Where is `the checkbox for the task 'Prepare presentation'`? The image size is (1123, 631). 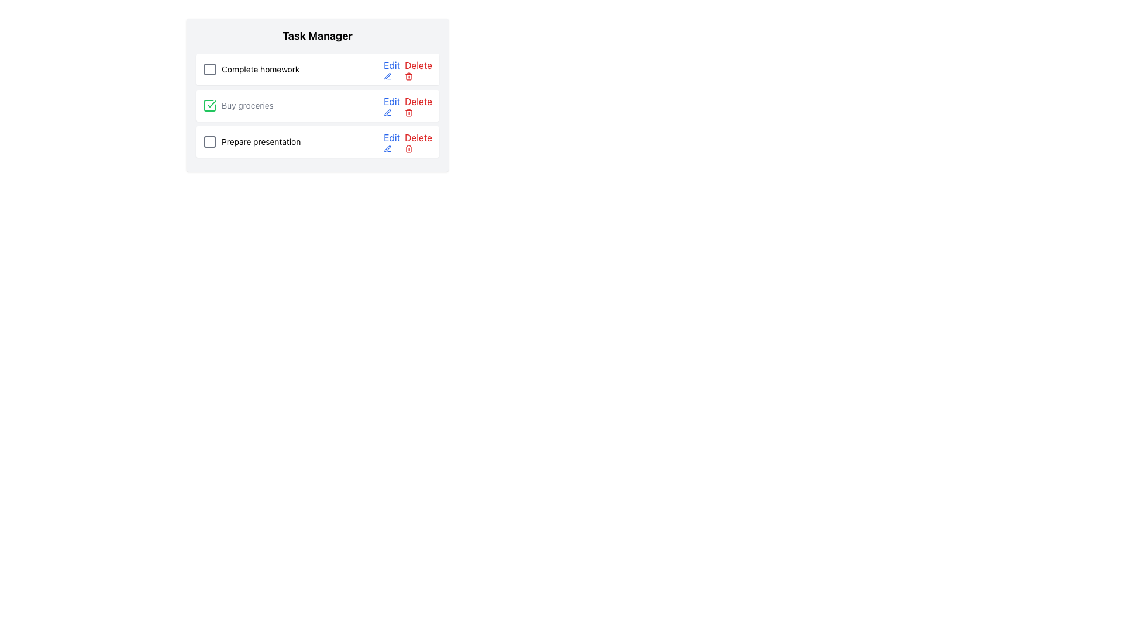
the checkbox for the task 'Prepare presentation' is located at coordinates (210, 141).